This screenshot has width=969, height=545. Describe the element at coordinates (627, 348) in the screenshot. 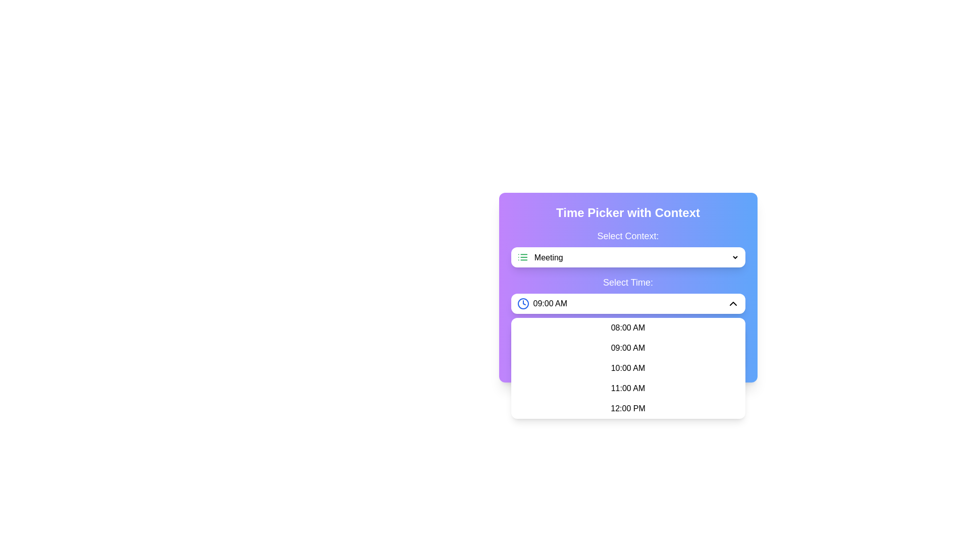

I see `the selectable time option '09:00 AM' in the dropdown menu` at that location.